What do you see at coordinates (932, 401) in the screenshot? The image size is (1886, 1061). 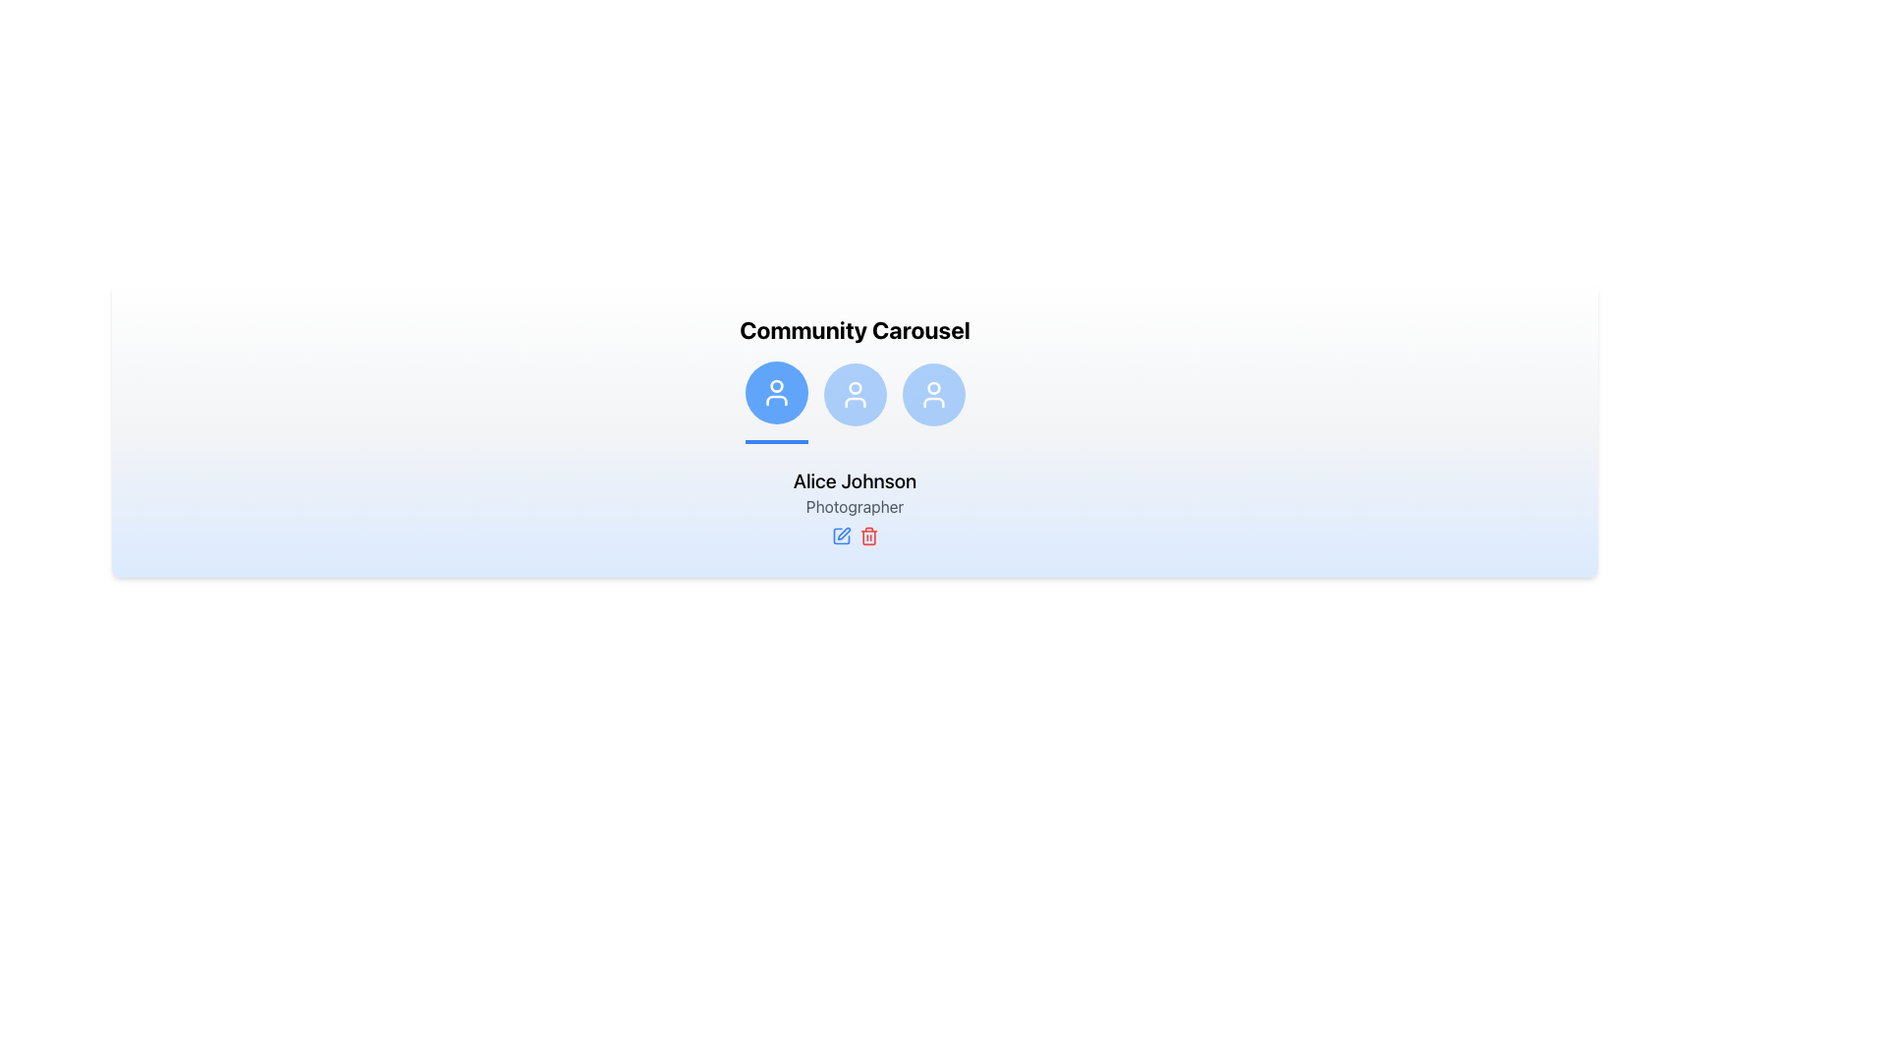 I see `the circular icon with a light blue background and white user silhouette, positioned as the third icon in a horizontal row of similar icons` at bounding box center [932, 401].